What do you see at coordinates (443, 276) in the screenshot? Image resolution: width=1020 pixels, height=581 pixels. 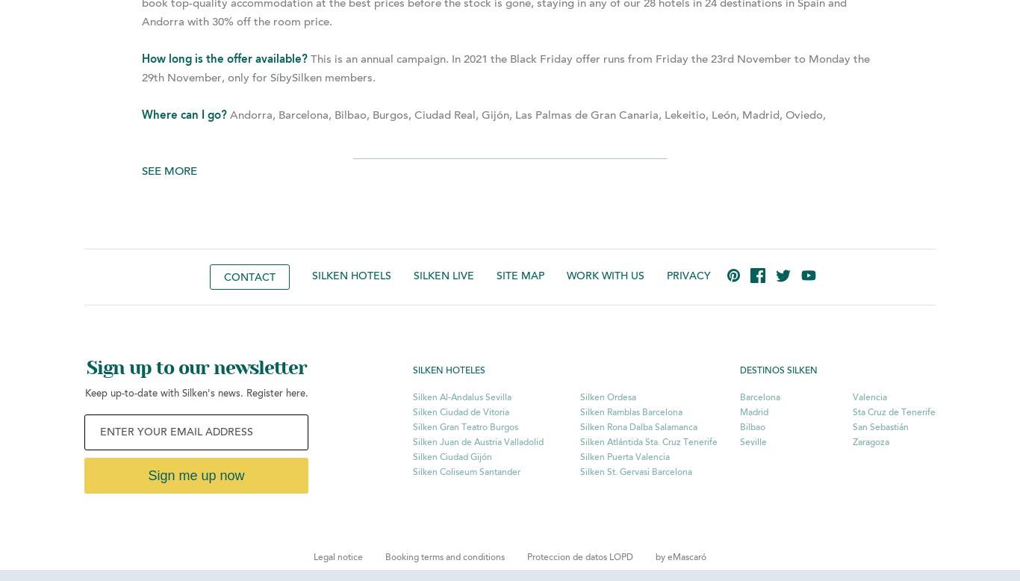 I see `'Silken live'` at bounding box center [443, 276].